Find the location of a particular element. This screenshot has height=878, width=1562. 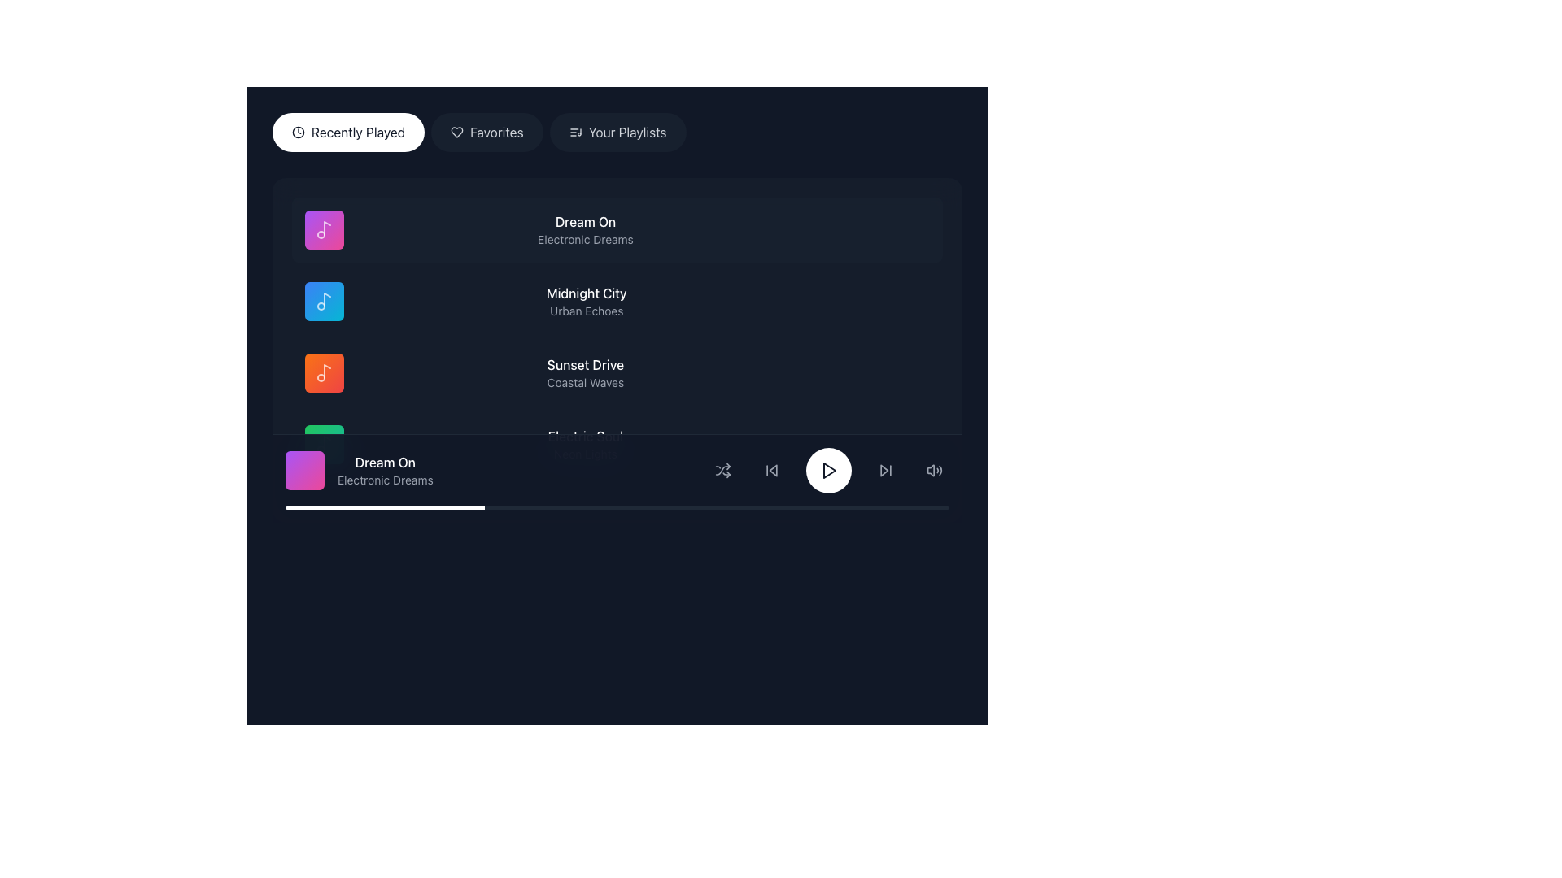

the interactive favorite or like button located on the right side of the 'Dream On' song item to change its color is located at coordinates (840, 229).